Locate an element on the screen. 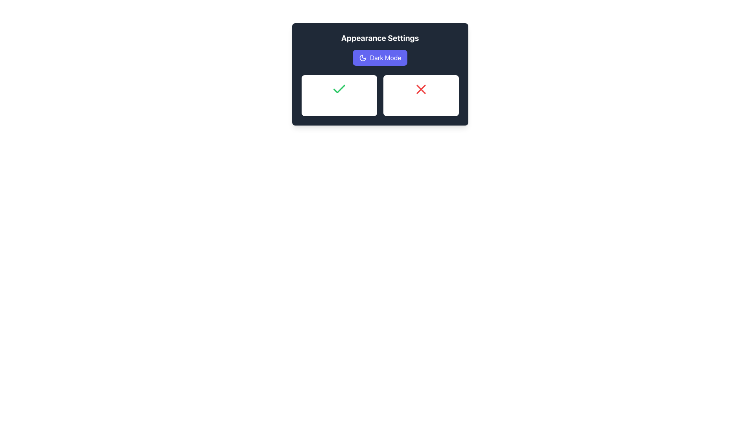 The image size is (755, 425). the first icon indicating confirmation or an enabled state, which is positioned above the text 'Option Enabled' is located at coordinates (339, 89).